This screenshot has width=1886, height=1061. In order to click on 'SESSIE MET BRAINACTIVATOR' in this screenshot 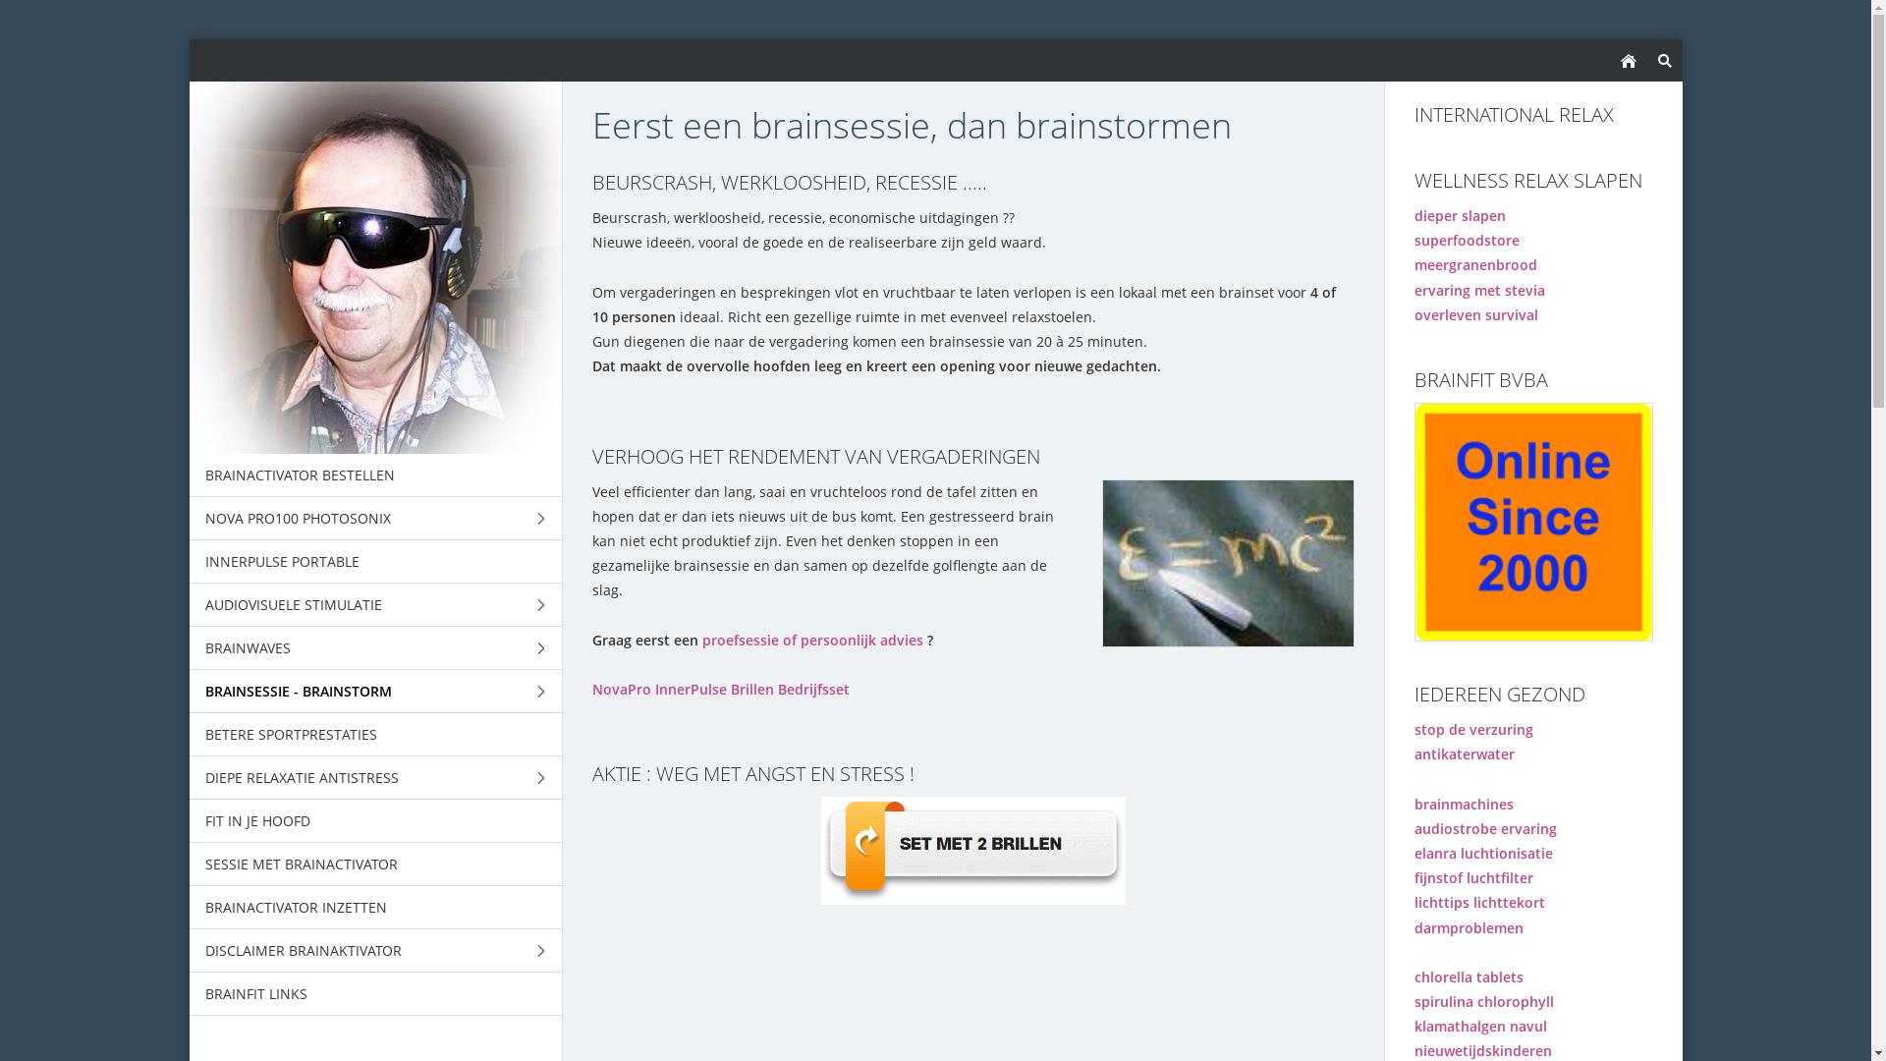, I will do `click(374, 863)`.